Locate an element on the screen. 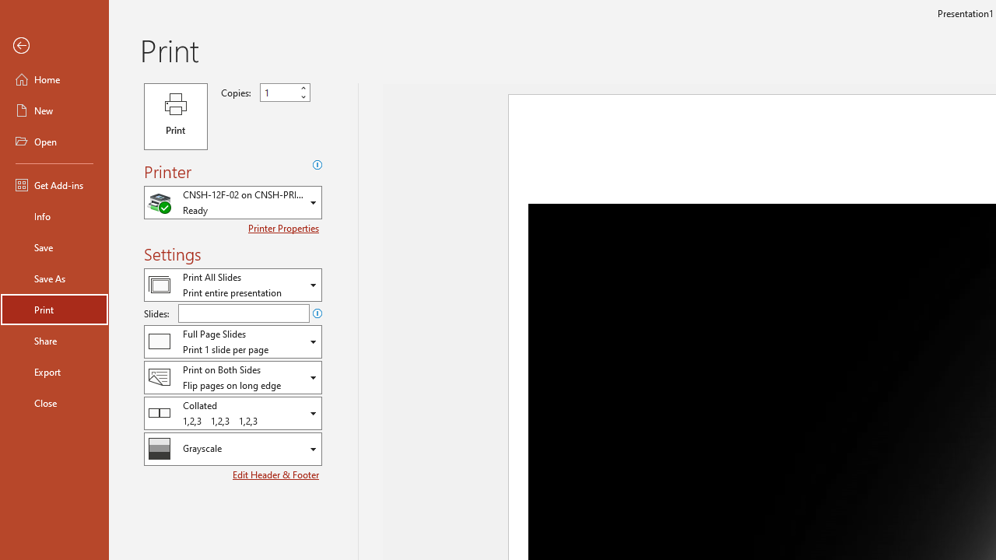 Image resolution: width=996 pixels, height=560 pixels. 'Save' is located at coordinates (54, 246).